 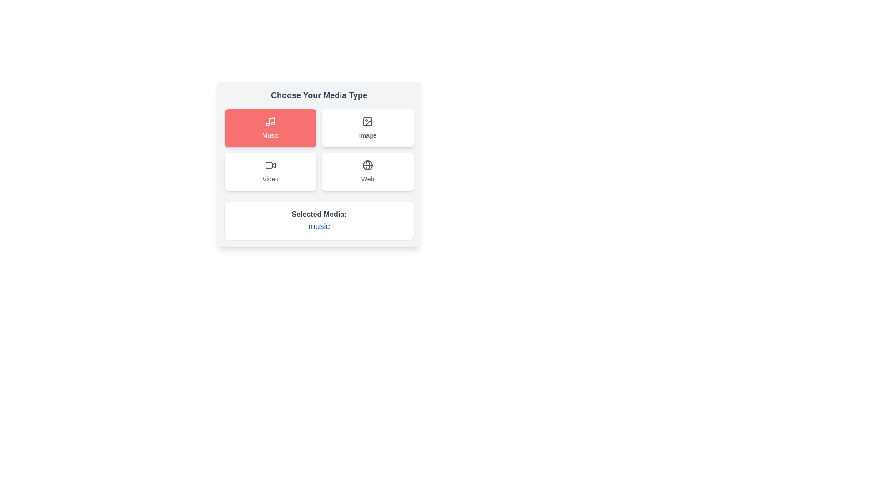 What do you see at coordinates (270, 172) in the screenshot?
I see `the button corresponding to the media type Video` at bounding box center [270, 172].